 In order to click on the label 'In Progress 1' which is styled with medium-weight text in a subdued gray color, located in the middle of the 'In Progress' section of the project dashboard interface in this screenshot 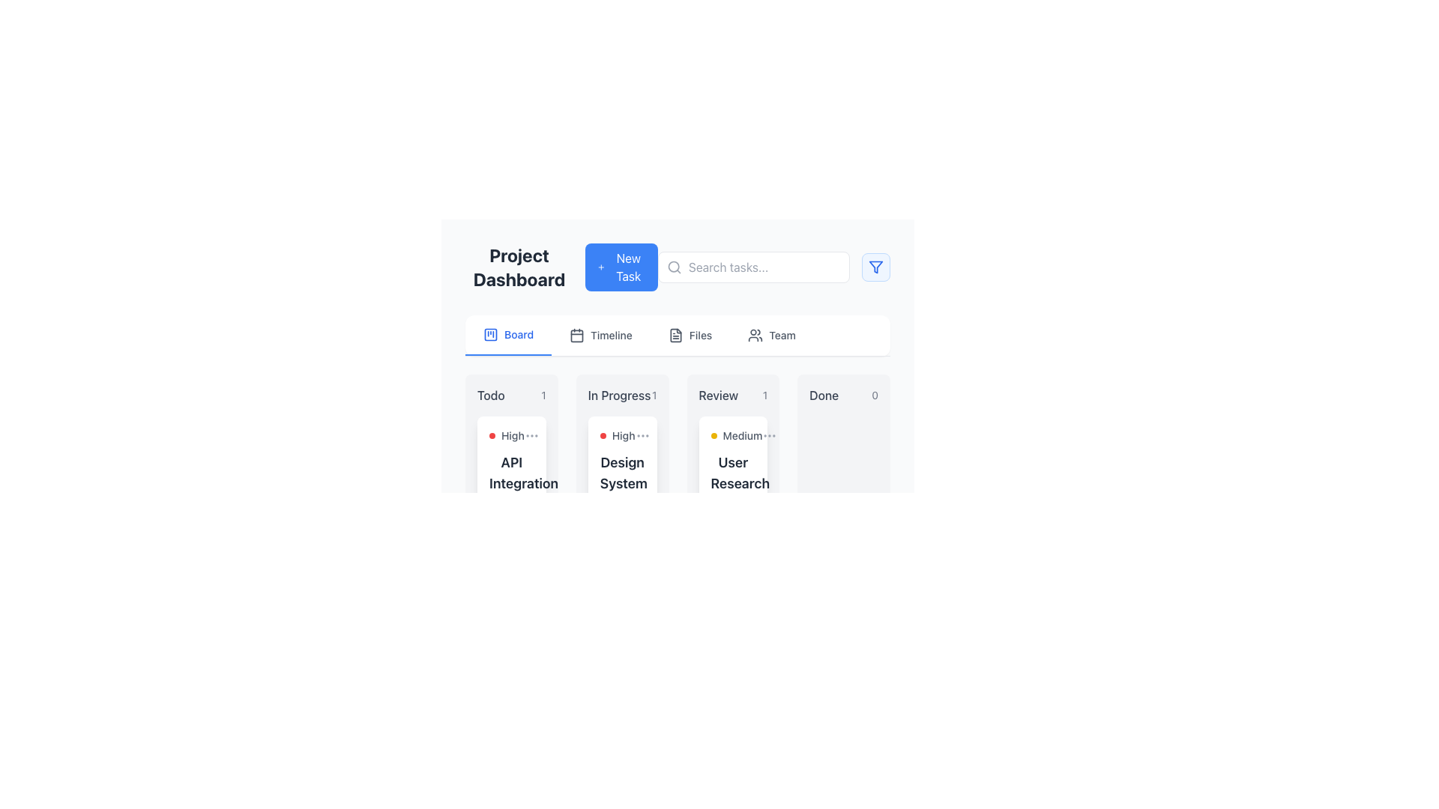, I will do `click(622, 395)`.